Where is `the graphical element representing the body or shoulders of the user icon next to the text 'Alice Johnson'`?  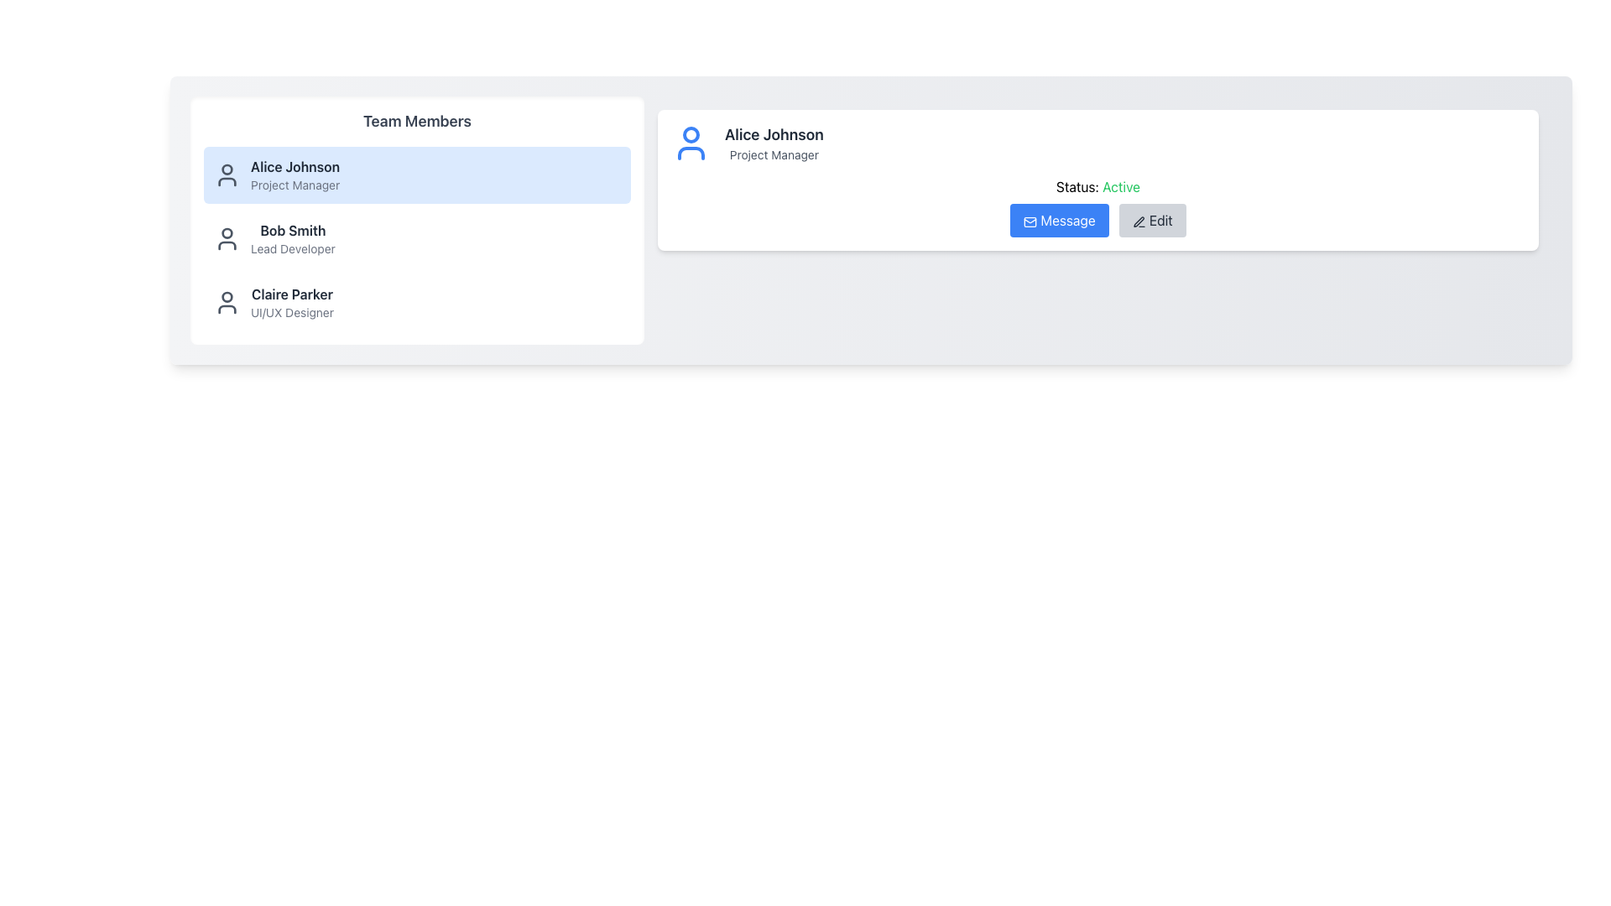 the graphical element representing the body or shoulders of the user icon next to the text 'Alice Johnson' is located at coordinates (226, 181).